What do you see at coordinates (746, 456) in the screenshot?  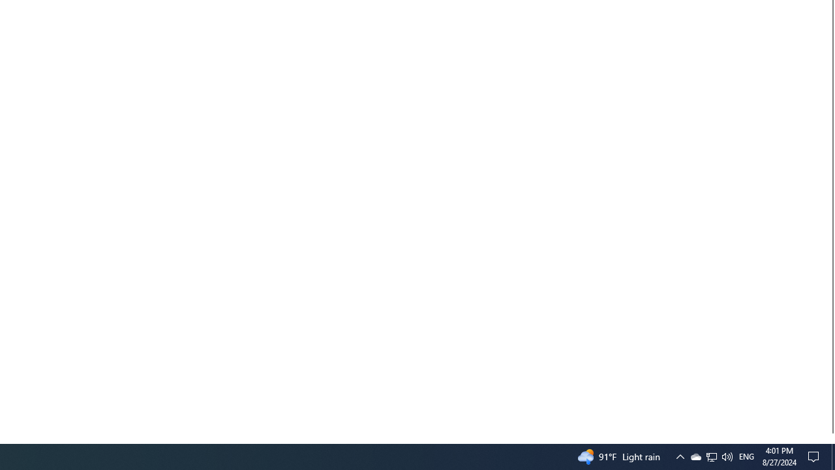 I see `'Tray Input Indicator - English (United States)'` at bounding box center [746, 456].